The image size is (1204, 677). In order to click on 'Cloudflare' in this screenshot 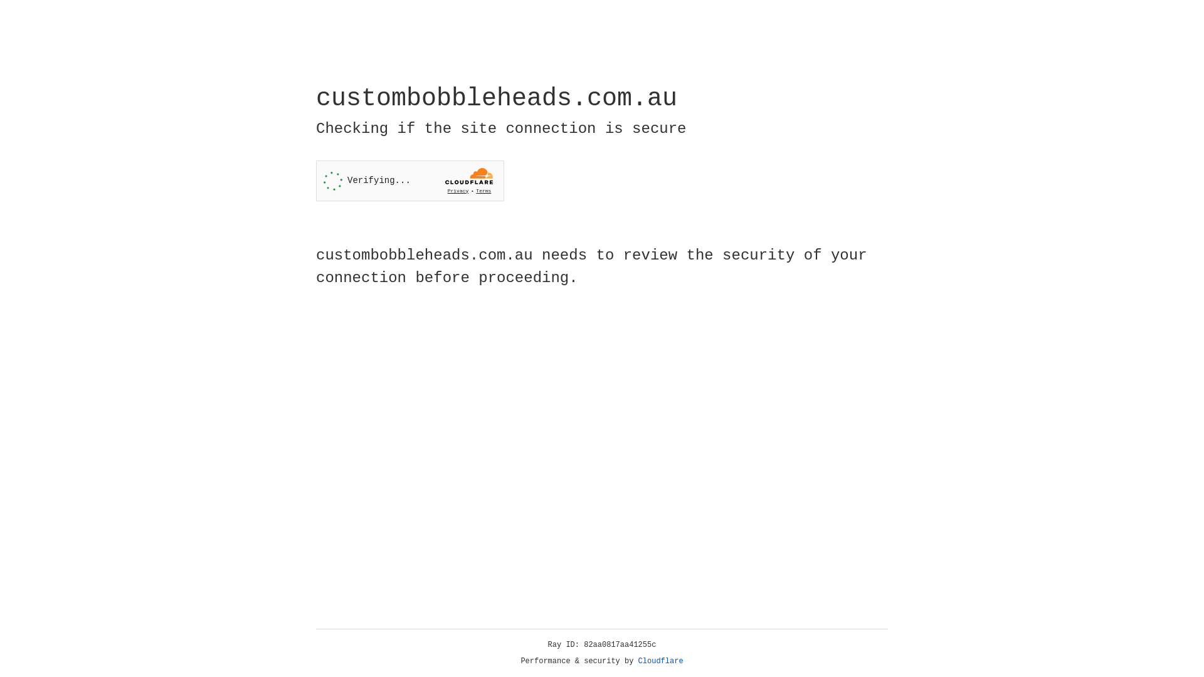, I will do `click(638, 661)`.